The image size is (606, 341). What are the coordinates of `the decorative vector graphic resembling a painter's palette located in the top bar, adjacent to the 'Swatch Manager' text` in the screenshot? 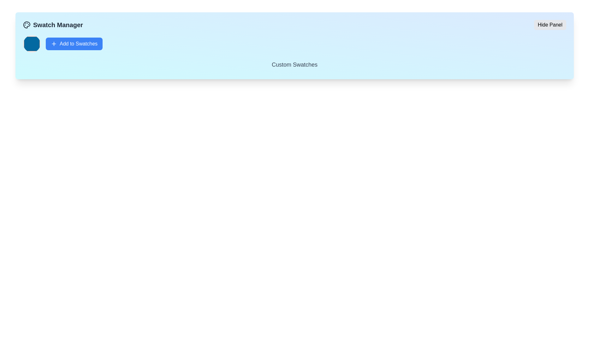 It's located at (27, 24).